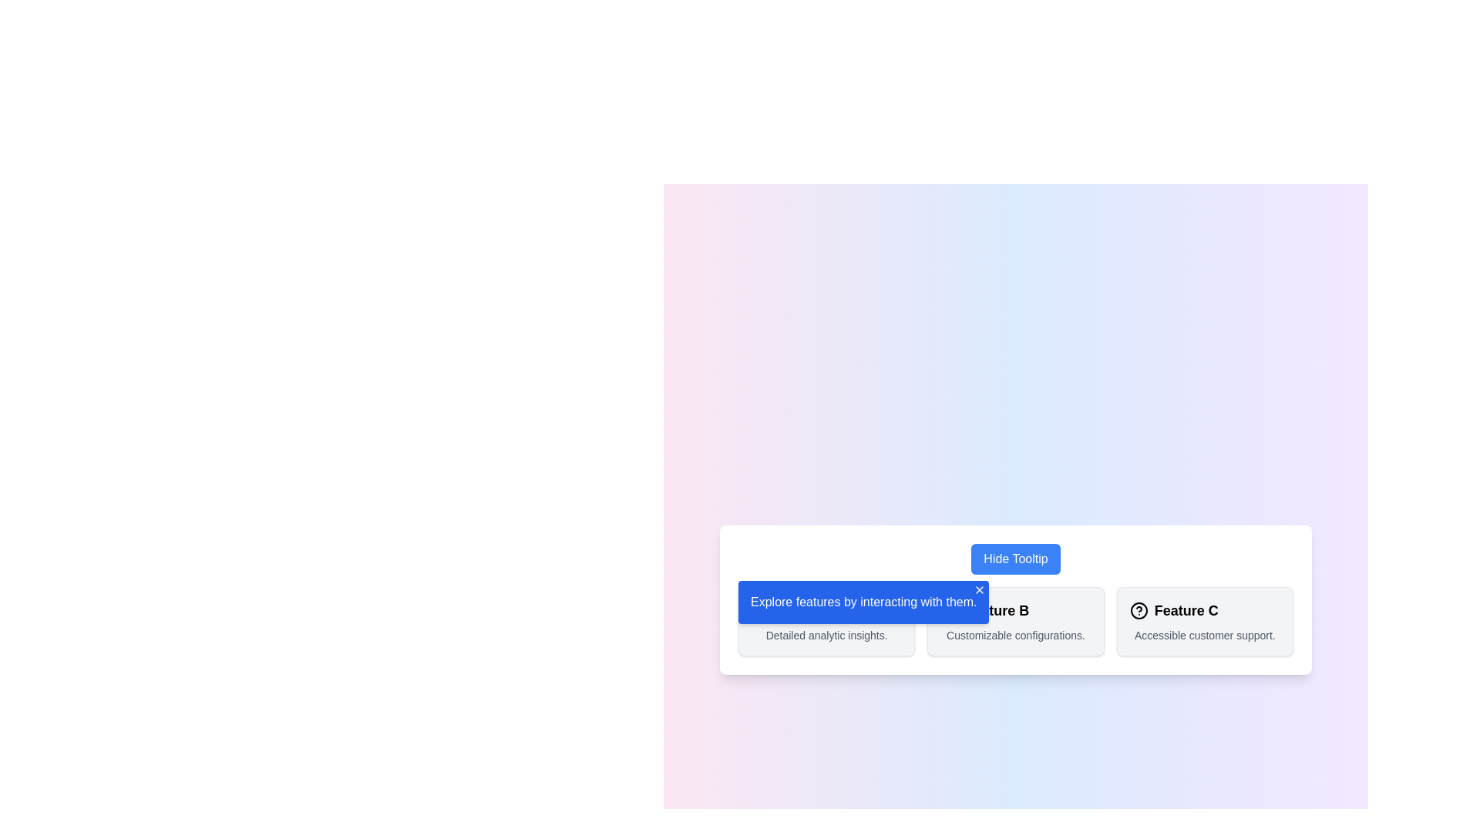 Image resolution: width=1480 pixels, height=832 pixels. Describe the element at coordinates (979, 589) in the screenshot. I see `the small square button with a red 'X' icon on the blue tooltip` at that location.